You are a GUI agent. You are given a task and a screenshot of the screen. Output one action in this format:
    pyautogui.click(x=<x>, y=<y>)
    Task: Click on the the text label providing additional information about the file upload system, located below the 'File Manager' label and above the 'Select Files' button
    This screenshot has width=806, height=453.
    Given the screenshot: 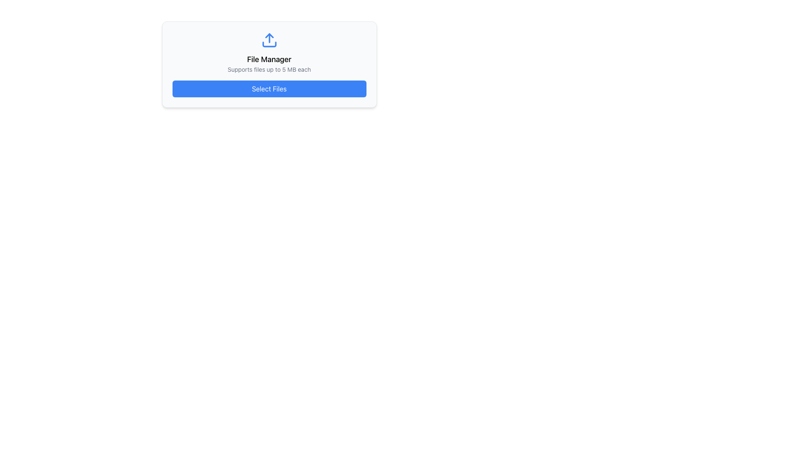 What is the action you would take?
    pyautogui.click(x=269, y=69)
    